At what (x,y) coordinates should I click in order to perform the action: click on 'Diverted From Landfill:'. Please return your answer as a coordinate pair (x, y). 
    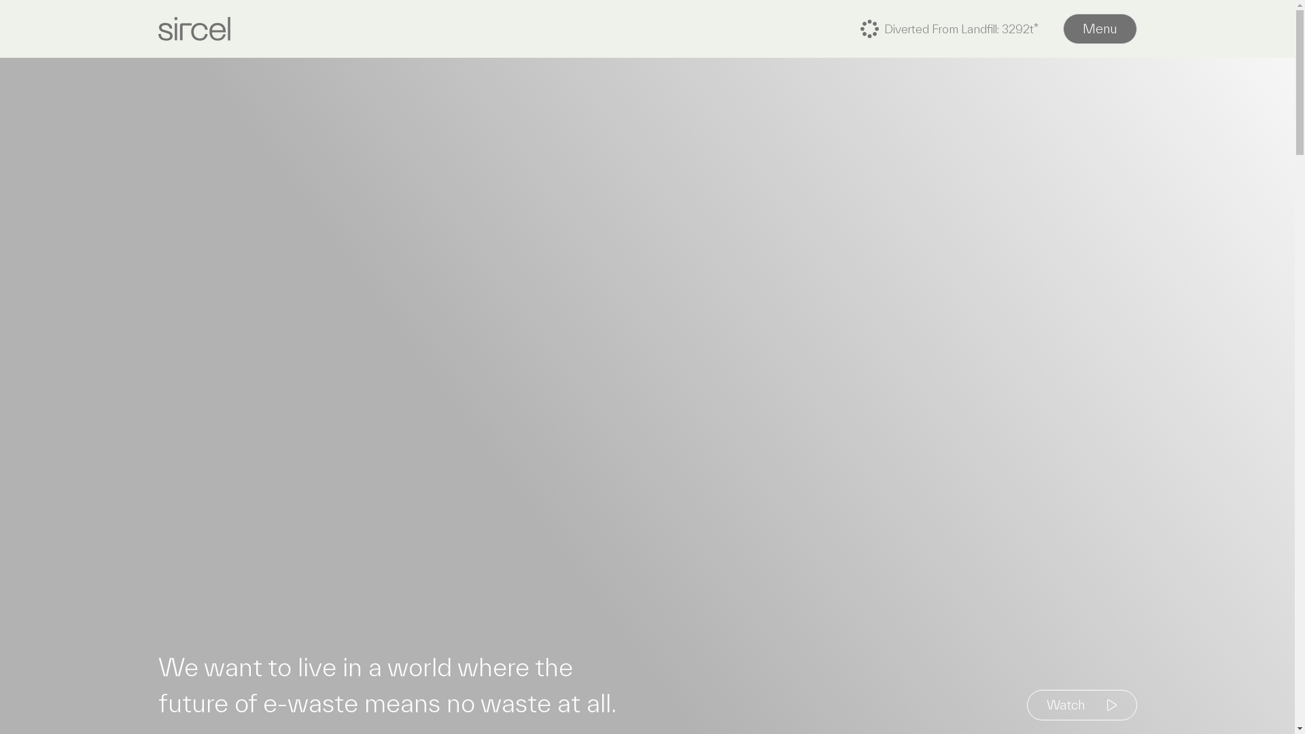
    Looking at the image, I should click on (1033, 29).